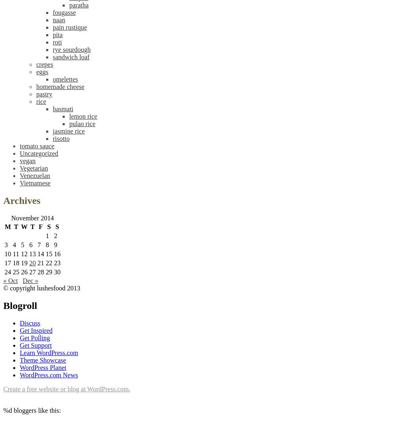 This screenshot has width=399, height=421. Describe the element at coordinates (52, 42) in the screenshot. I see `'roti'` at that location.